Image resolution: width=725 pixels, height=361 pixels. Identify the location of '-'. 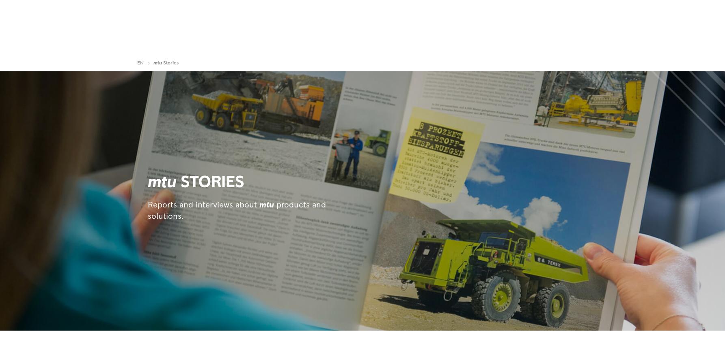
(530, 17).